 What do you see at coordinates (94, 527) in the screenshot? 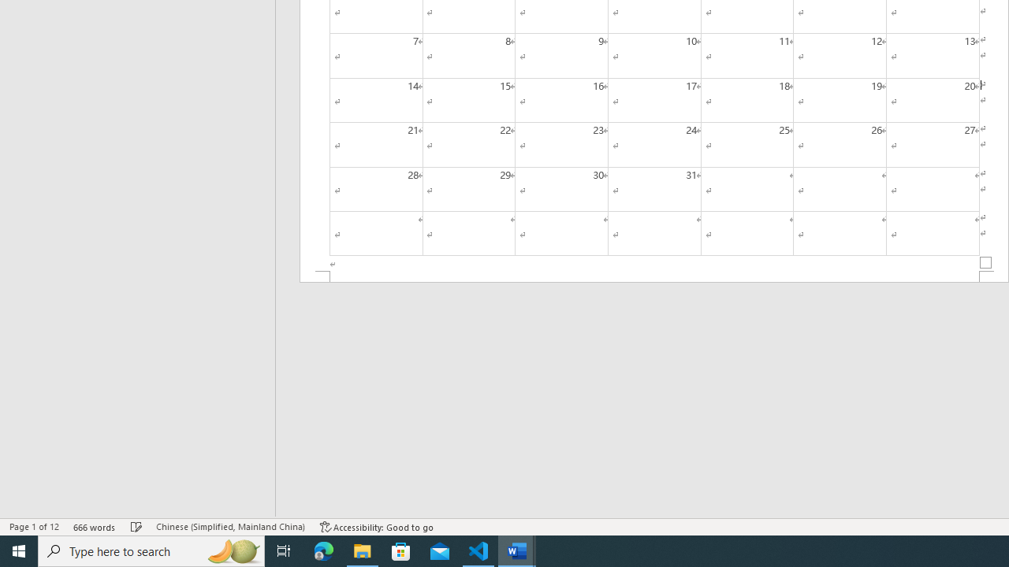
I see `'Word Count 666 words'` at bounding box center [94, 527].